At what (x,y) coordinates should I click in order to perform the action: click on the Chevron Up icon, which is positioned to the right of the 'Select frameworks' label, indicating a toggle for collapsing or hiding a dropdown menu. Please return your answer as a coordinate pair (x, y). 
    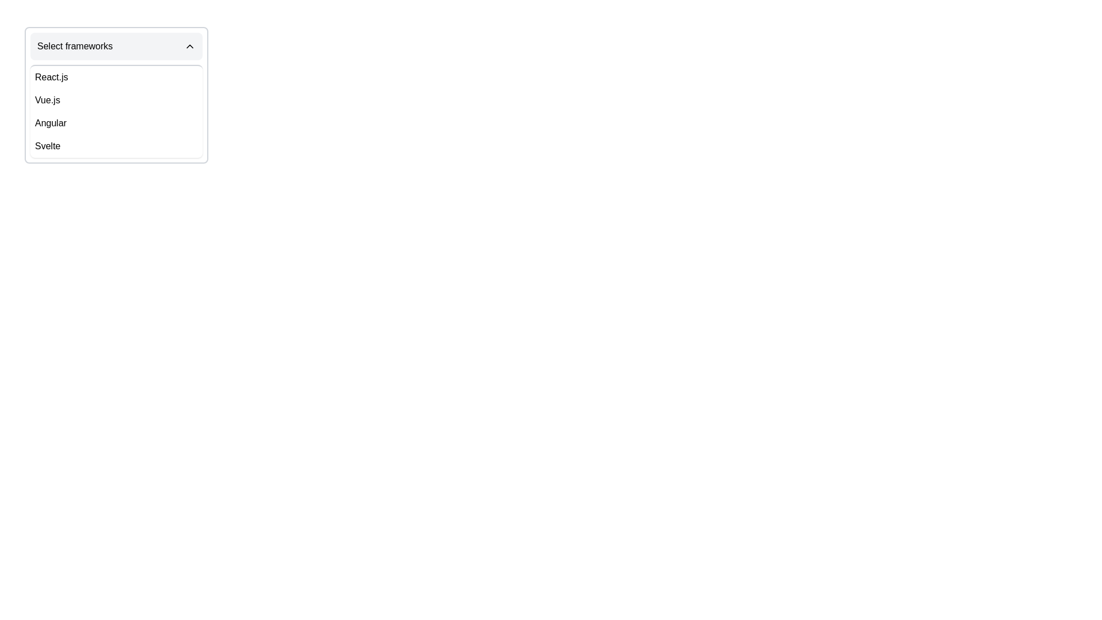
    Looking at the image, I should click on (190, 46).